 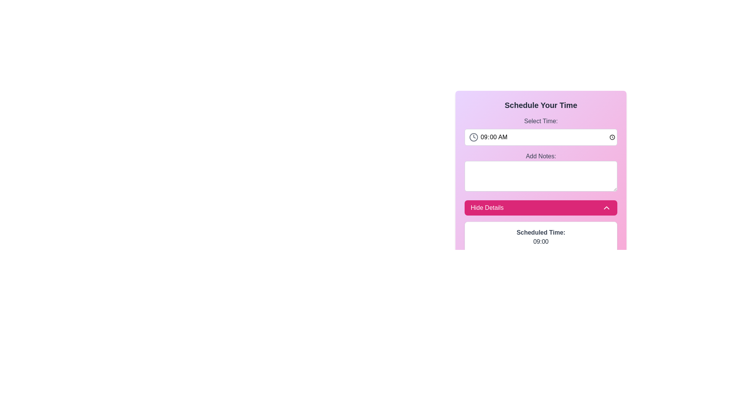 What do you see at coordinates (540, 137) in the screenshot?
I see `the time` at bounding box center [540, 137].